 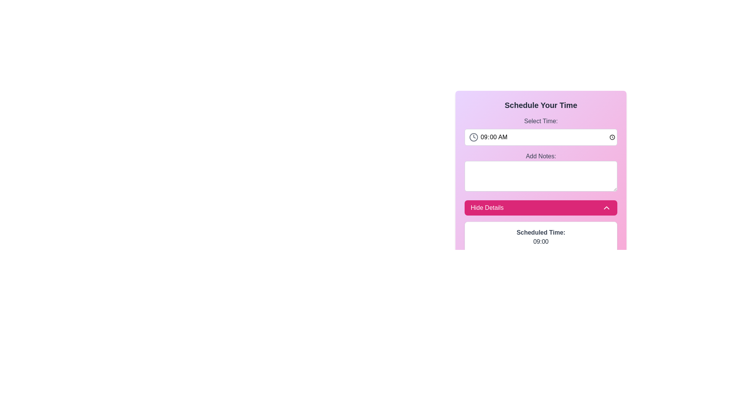 What do you see at coordinates (540, 137) in the screenshot?
I see `the time` at bounding box center [540, 137].